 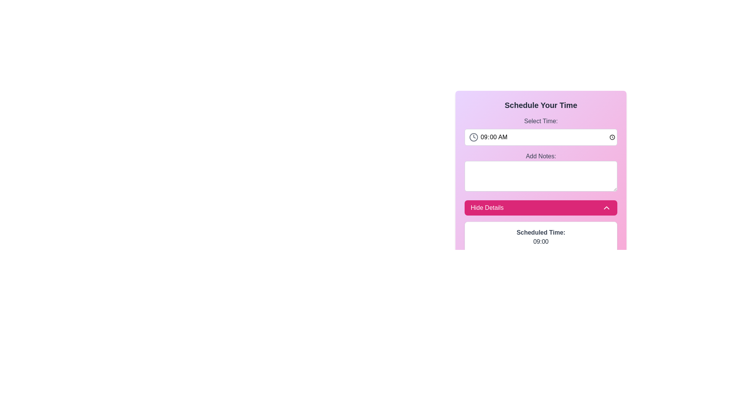 What do you see at coordinates (540, 137) in the screenshot?
I see `the time` at bounding box center [540, 137].